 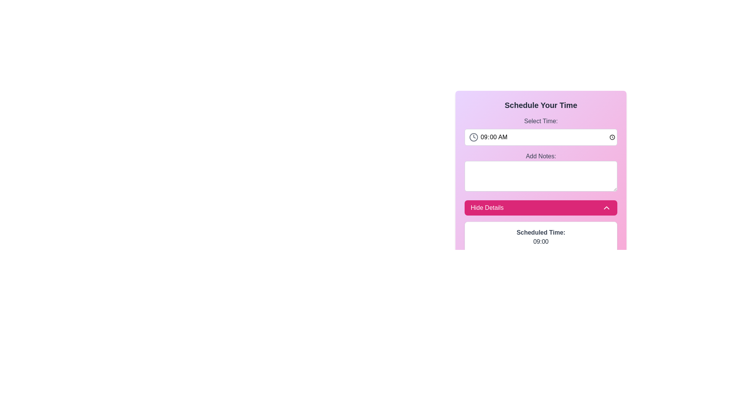 What do you see at coordinates (540, 137) in the screenshot?
I see `the time` at bounding box center [540, 137].